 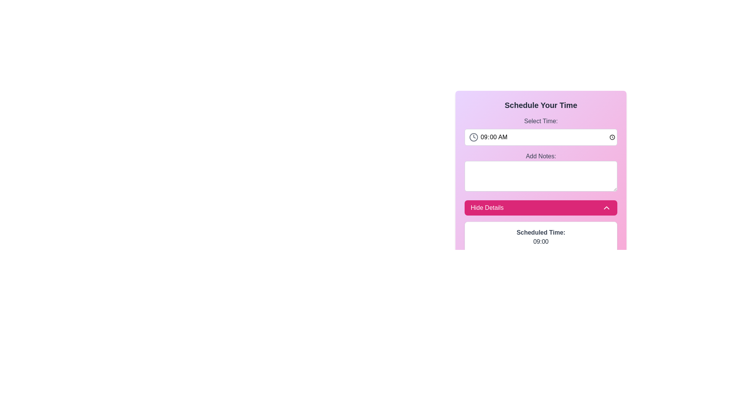 What do you see at coordinates (540, 137) in the screenshot?
I see `the time` at bounding box center [540, 137].